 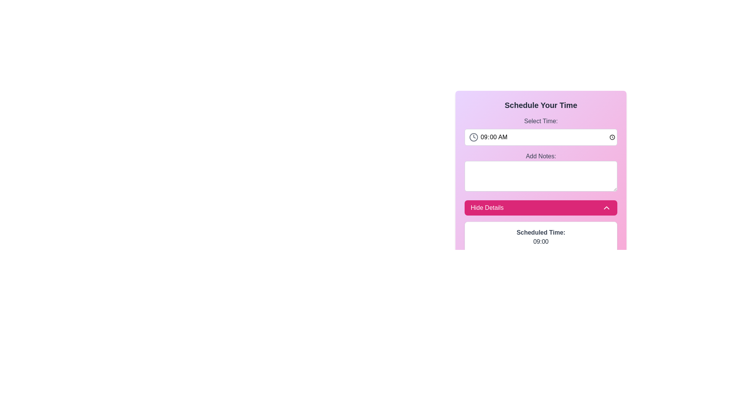 What do you see at coordinates (540, 137) in the screenshot?
I see `the time` at bounding box center [540, 137].